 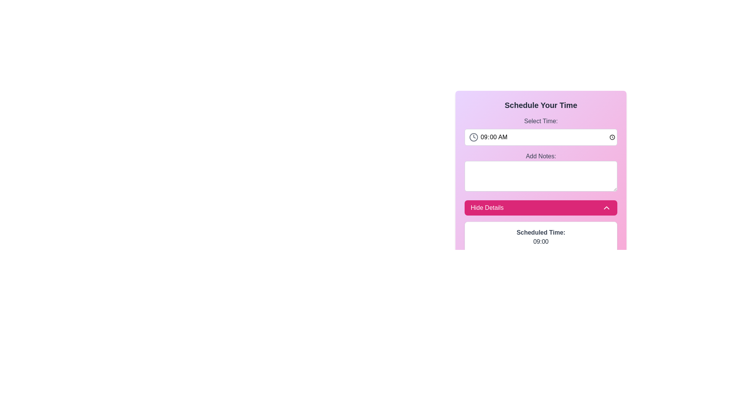 What do you see at coordinates (540, 137) in the screenshot?
I see `the time` at bounding box center [540, 137].